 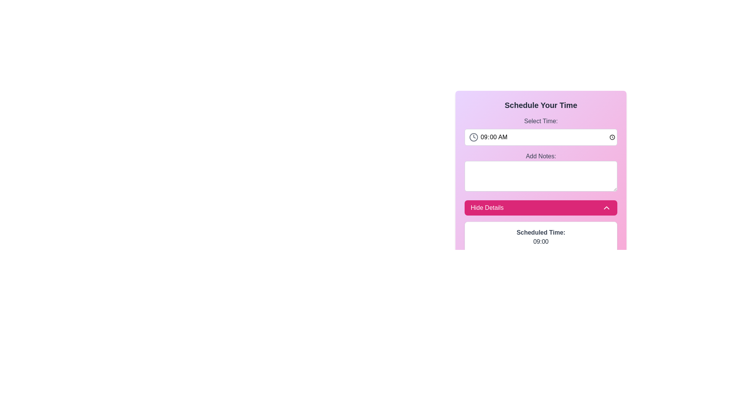 What do you see at coordinates (540, 137) in the screenshot?
I see `the time` at bounding box center [540, 137].